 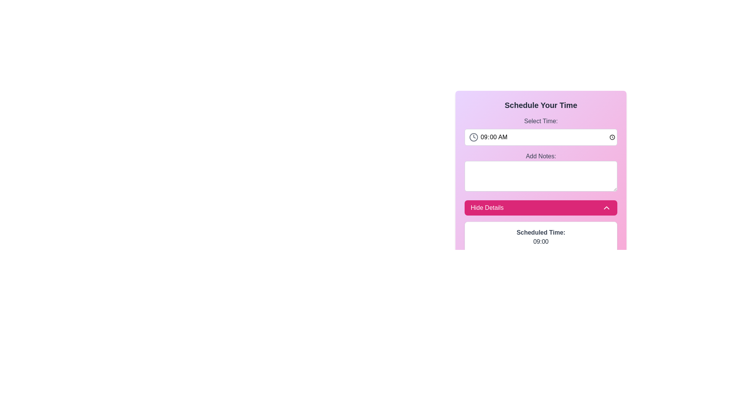 What do you see at coordinates (540, 137) in the screenshot?
I see `the time` at bounding box center [540, 137].